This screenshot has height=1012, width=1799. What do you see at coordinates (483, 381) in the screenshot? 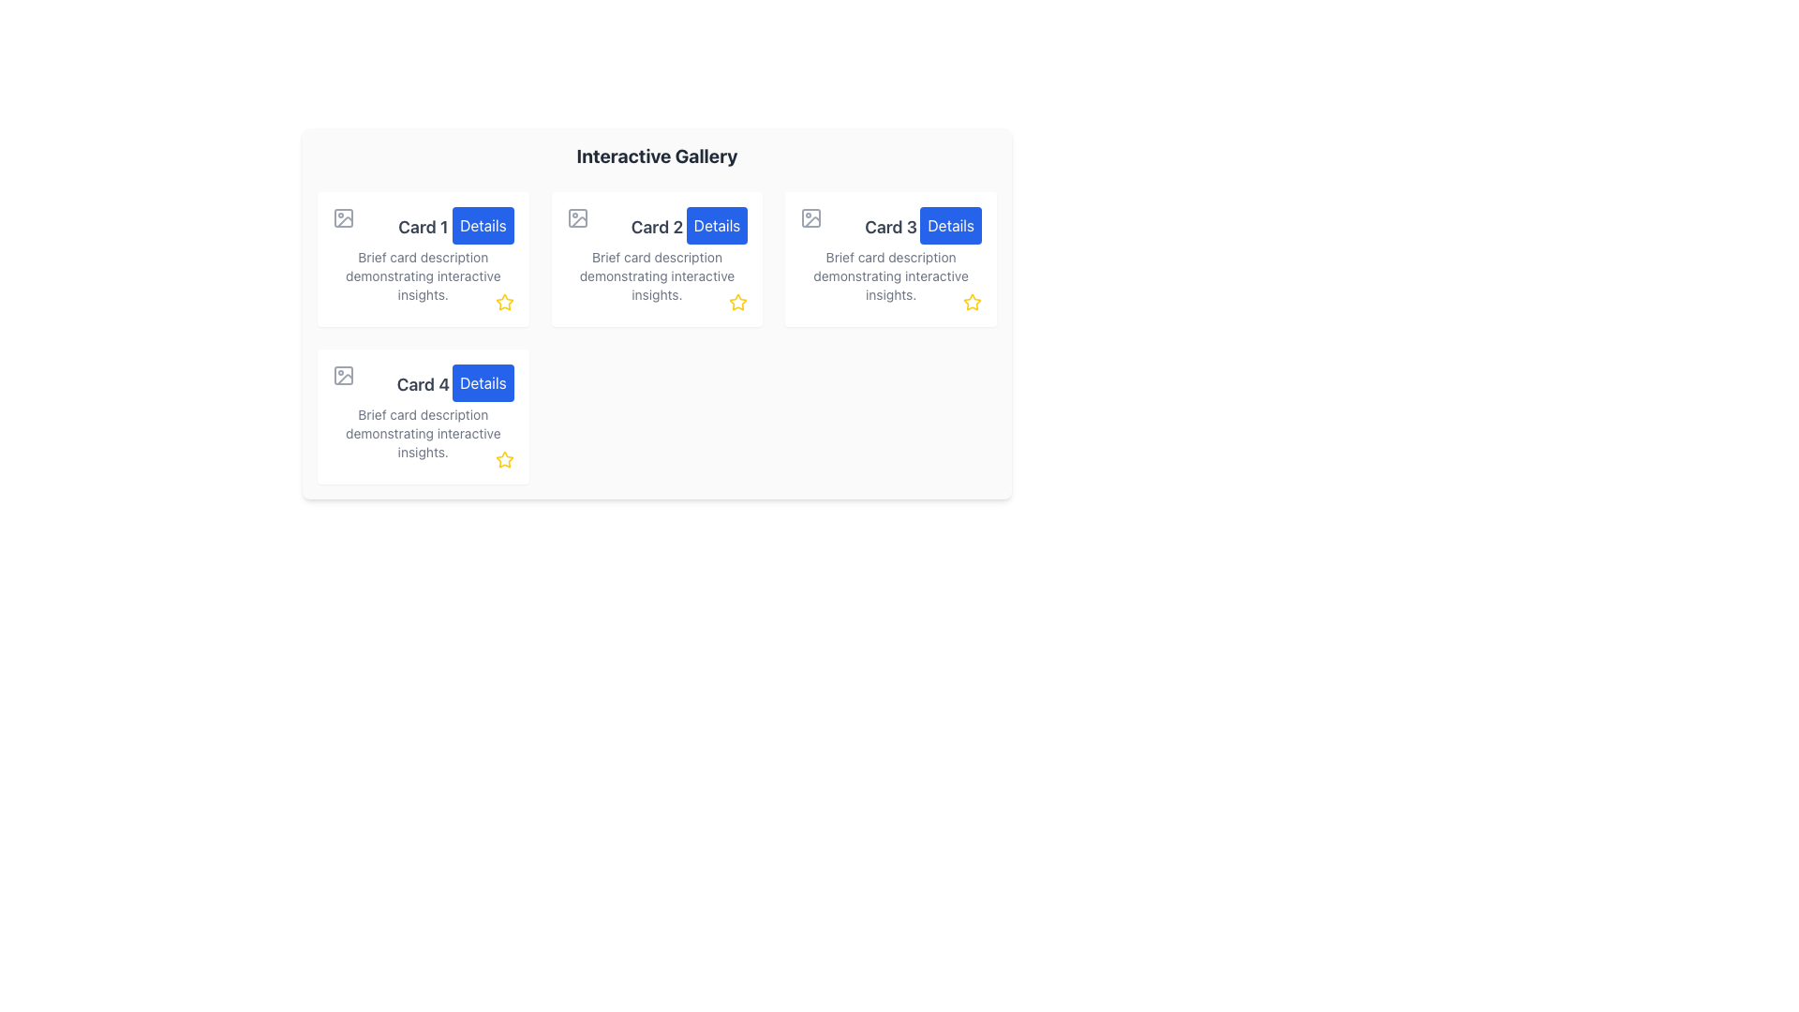
I see `the button located in the top-right corner of 'Card 4'` at bounding box center [483, 381].